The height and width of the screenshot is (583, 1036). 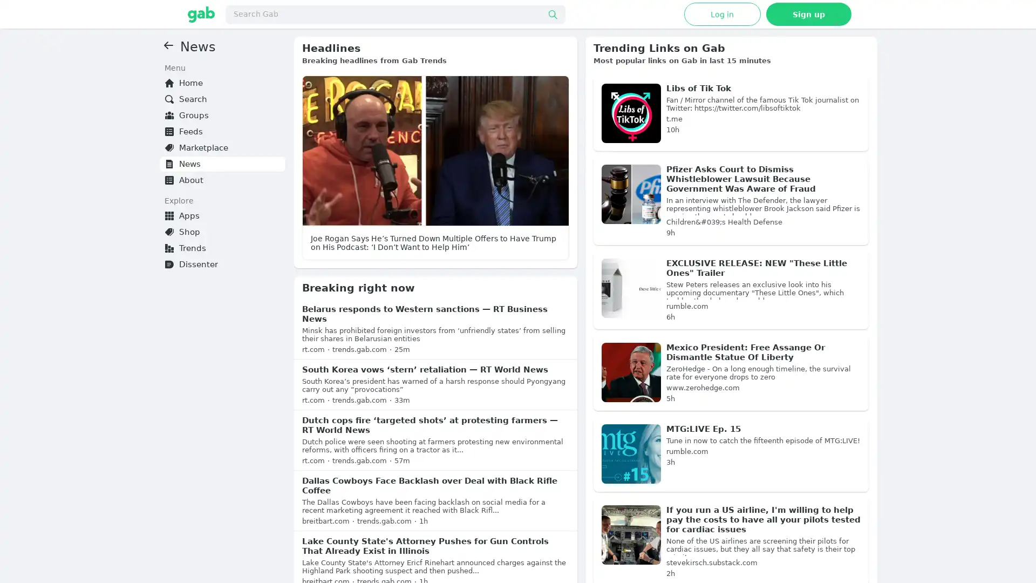 I want to click on Learn More, so click(x=829, y=354).